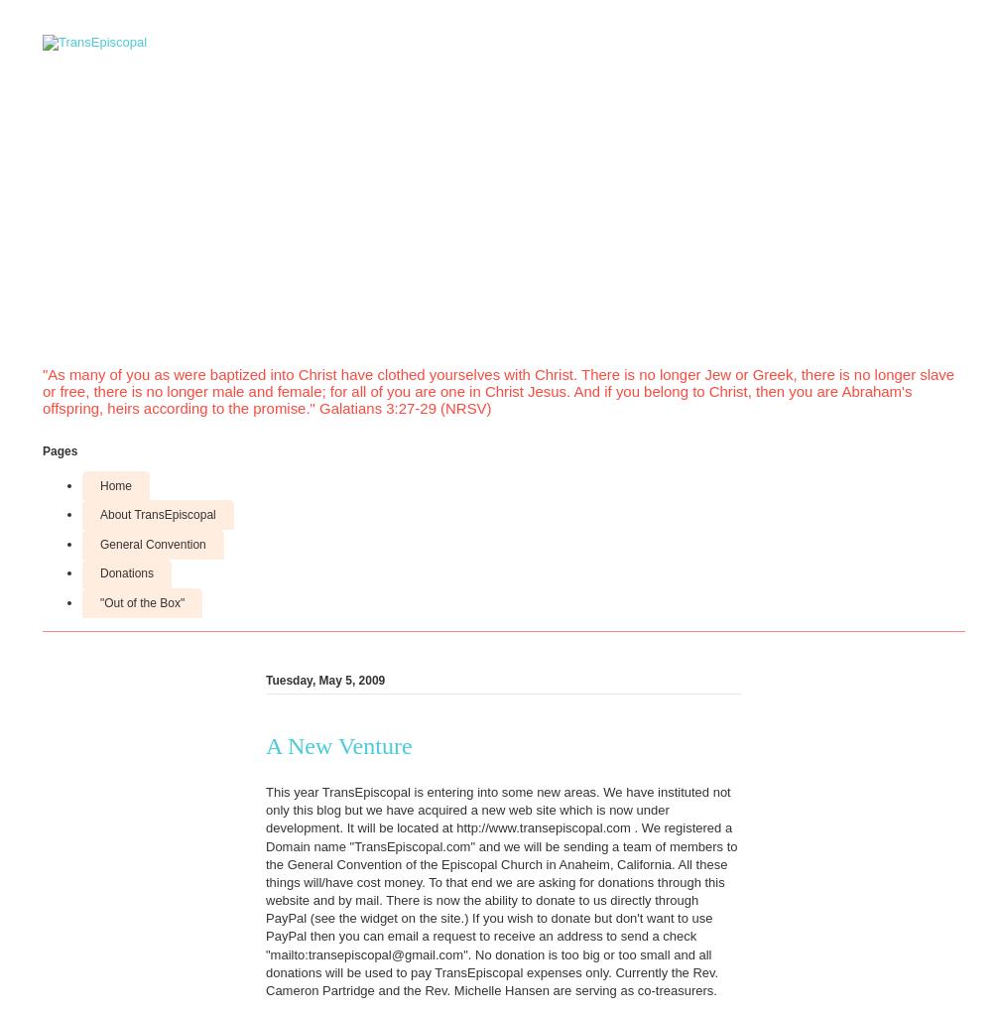 This screenshot has height=1015, width=1000. Describe the element at coordinates (498, 389) in the screenshot. I see `'"As many of you as were baptized into Christ have clothed yourselves
with Christ. There is no longer Jew or Greek, there is no longer slave
or free, there is no longer male and female; for all of you are one in
Christ Jesus. And if you belong to Christ, then you are Abraham's
offspring, heirs according to the promise." Galatians 3:27-29 (NRSV)'` at that location.